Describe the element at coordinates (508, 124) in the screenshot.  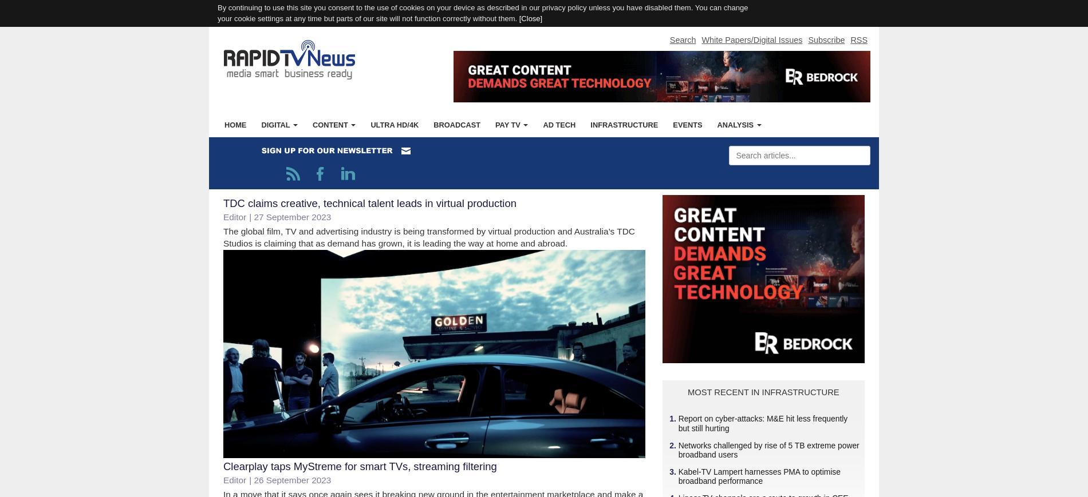
I see `'Pay TV'` at that location.